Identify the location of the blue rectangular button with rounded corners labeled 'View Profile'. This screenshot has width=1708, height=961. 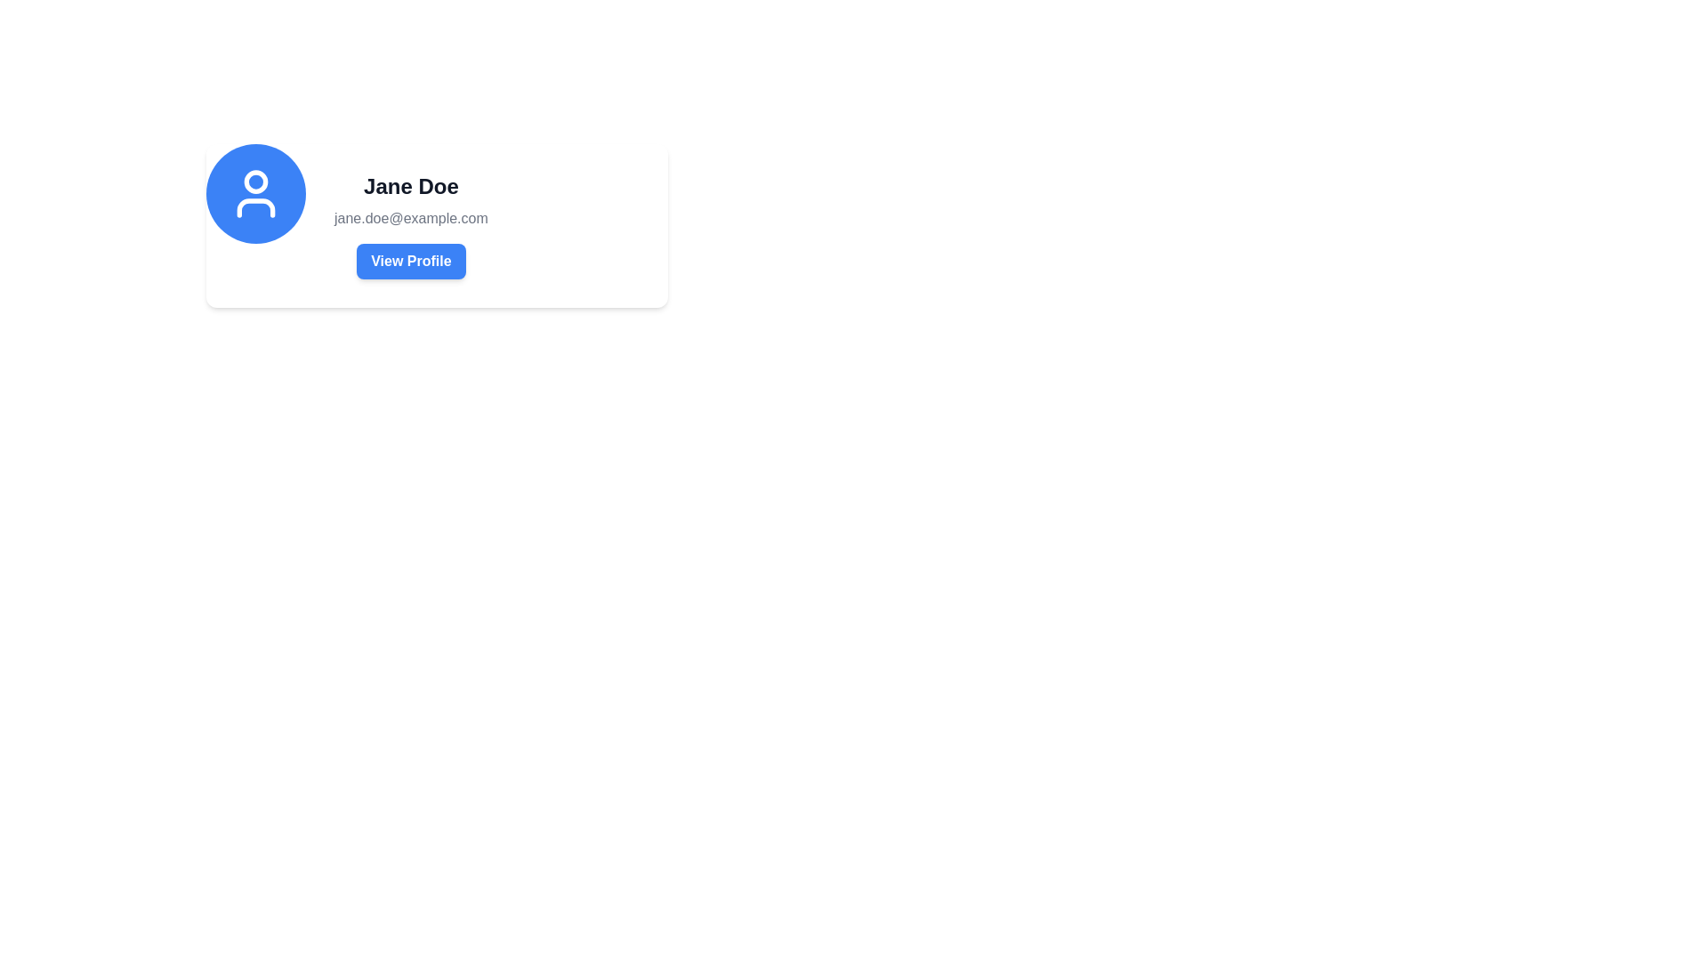
(410, 261).